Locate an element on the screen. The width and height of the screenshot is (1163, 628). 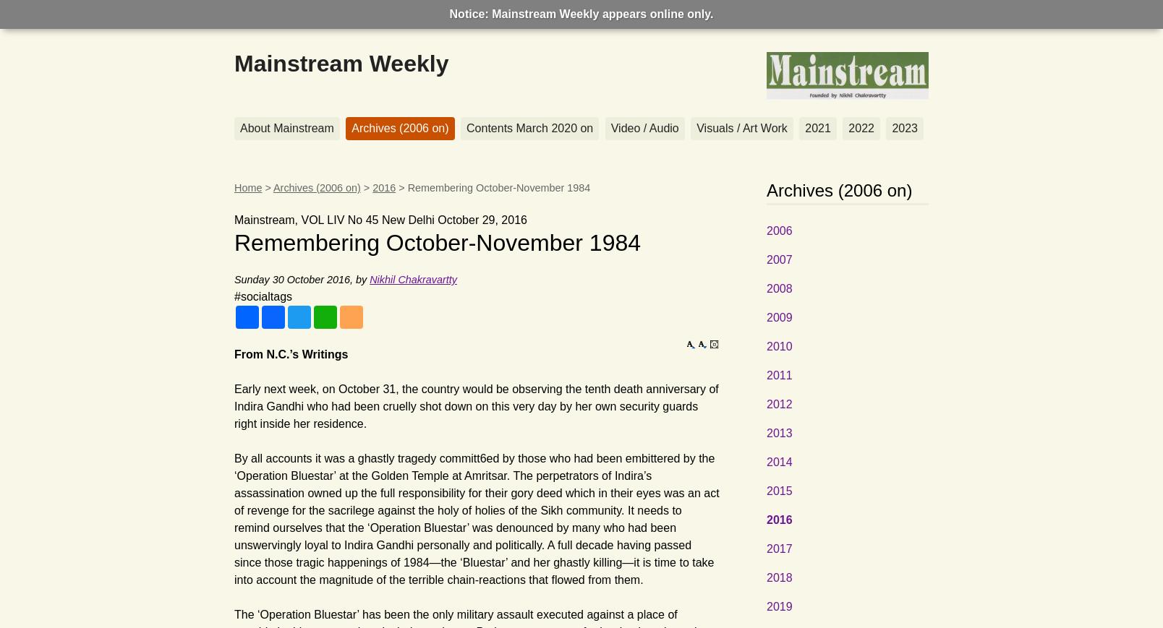
',' is located at coordinates (353, 278).